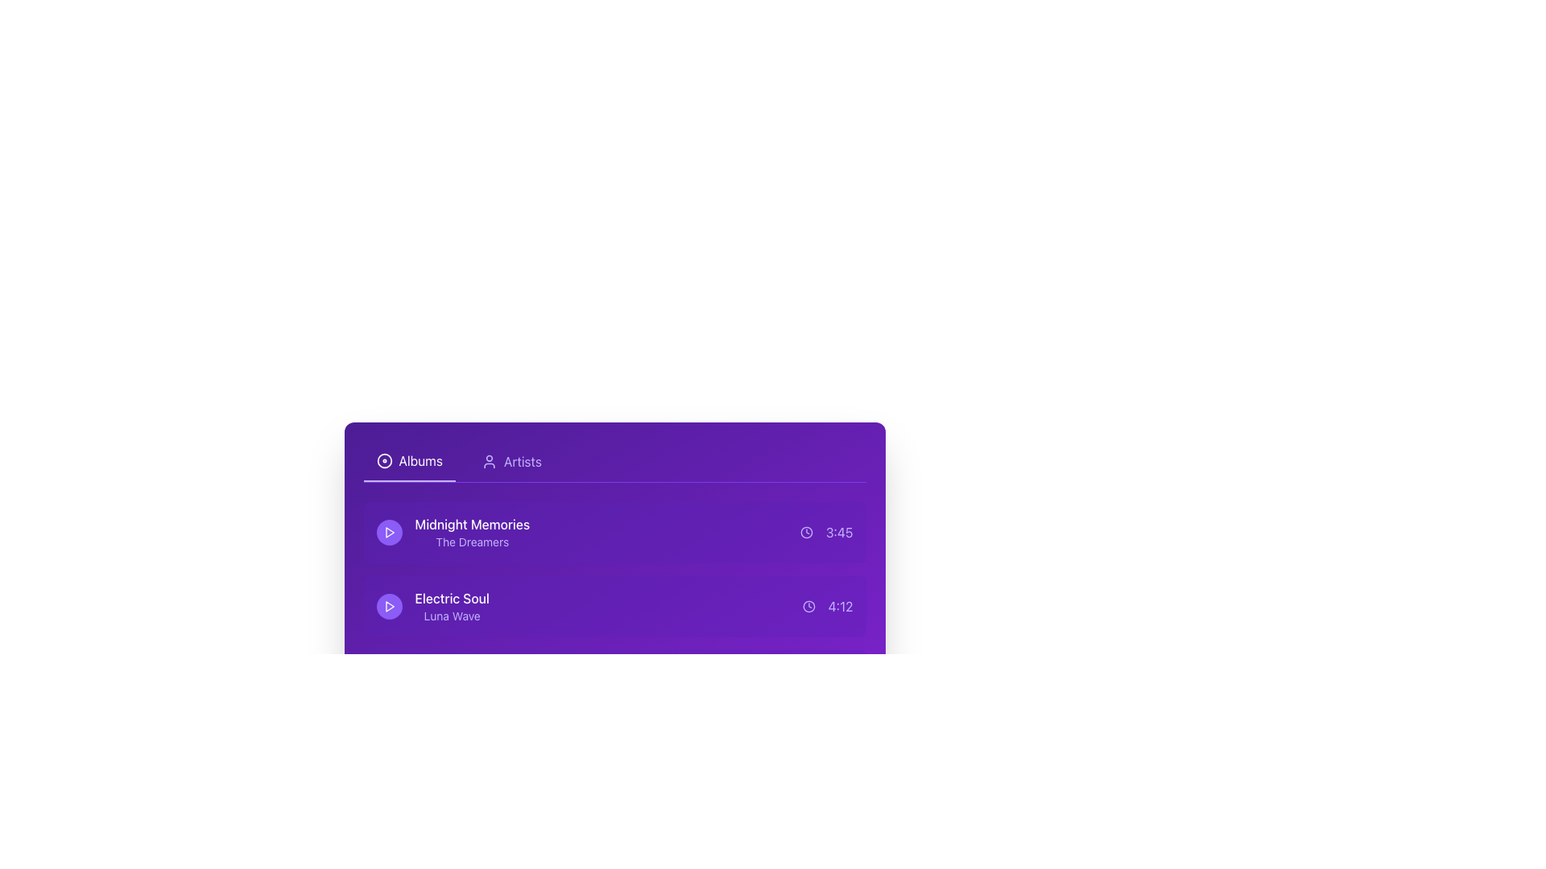 The height and width of the screenshot is (869, 1546). Describe the element at coordinates (432, 606) in the screenshot. I see `to select the label 'Electric Soul' with associated metadata, which is styled with a medium-weight font and is located in a purple panel` at that location.